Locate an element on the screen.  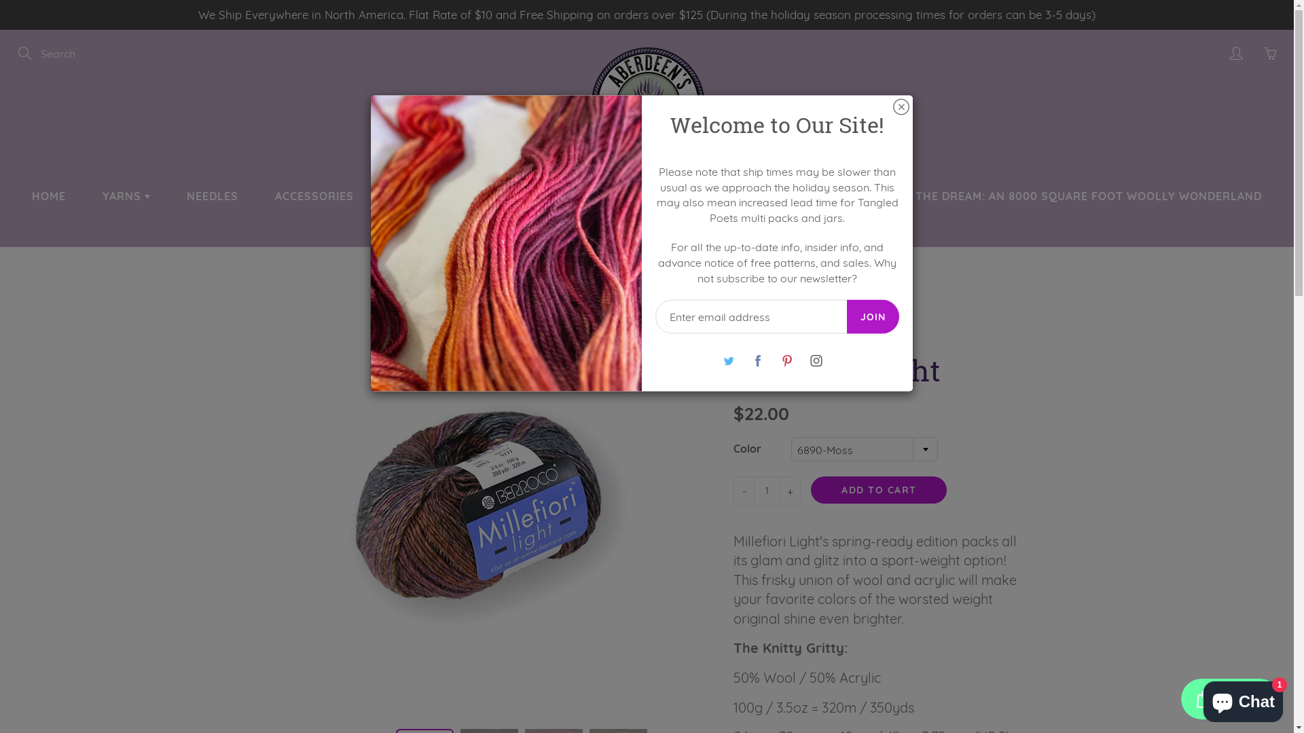
'+' is located at coordinates (780, 491).